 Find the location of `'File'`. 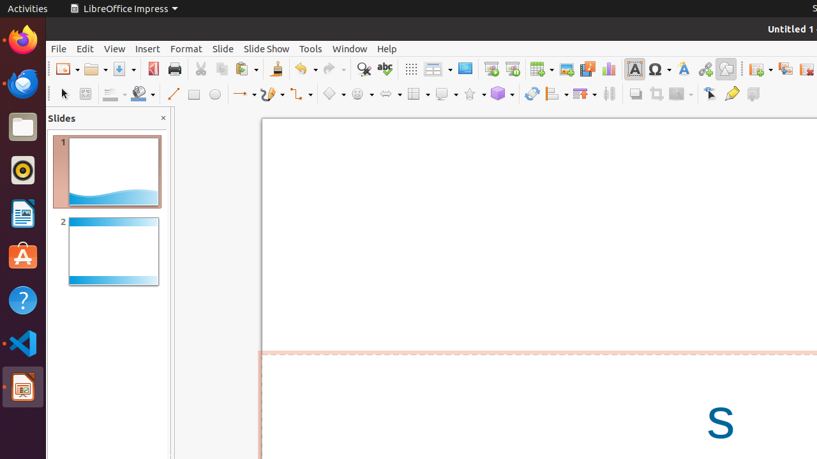

'File' is located at coordinates (58, 48).